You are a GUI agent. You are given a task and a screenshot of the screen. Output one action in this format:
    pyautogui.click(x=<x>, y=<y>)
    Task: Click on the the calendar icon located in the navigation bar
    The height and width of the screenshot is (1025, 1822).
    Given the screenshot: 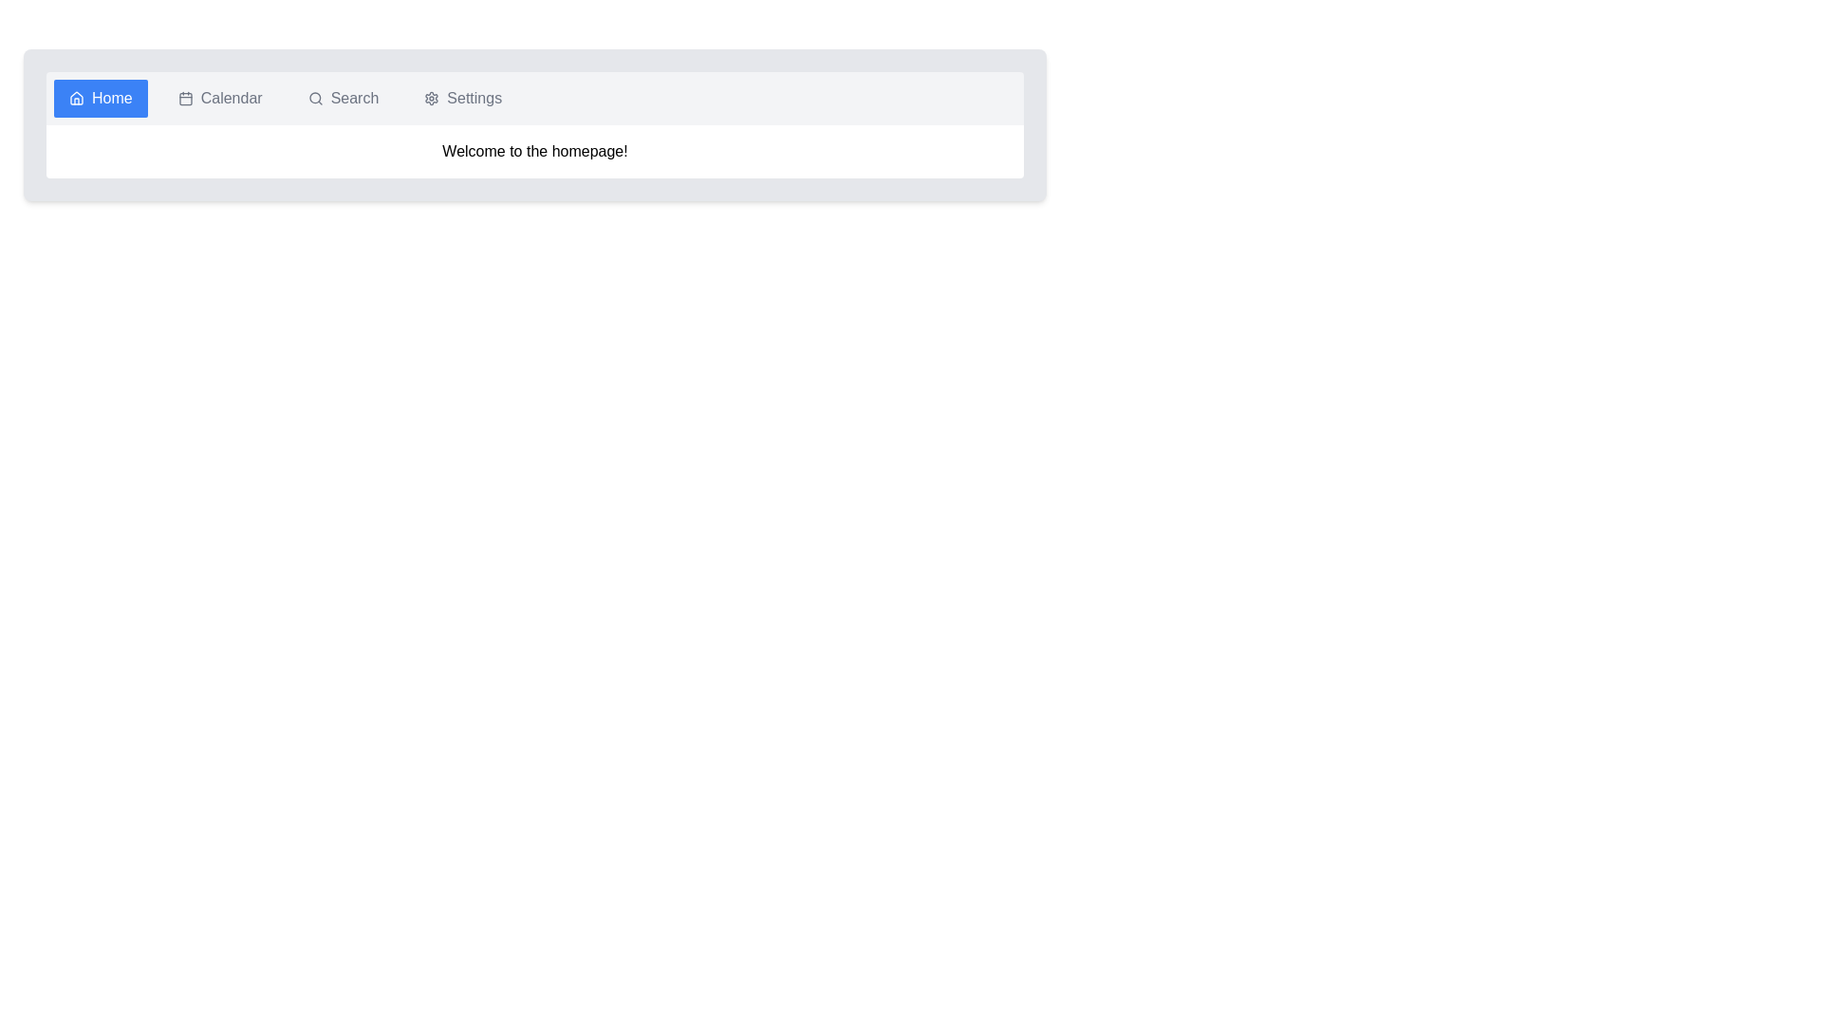 What is the action you would take?
    pyautogui.click(x=185, y=99)
    